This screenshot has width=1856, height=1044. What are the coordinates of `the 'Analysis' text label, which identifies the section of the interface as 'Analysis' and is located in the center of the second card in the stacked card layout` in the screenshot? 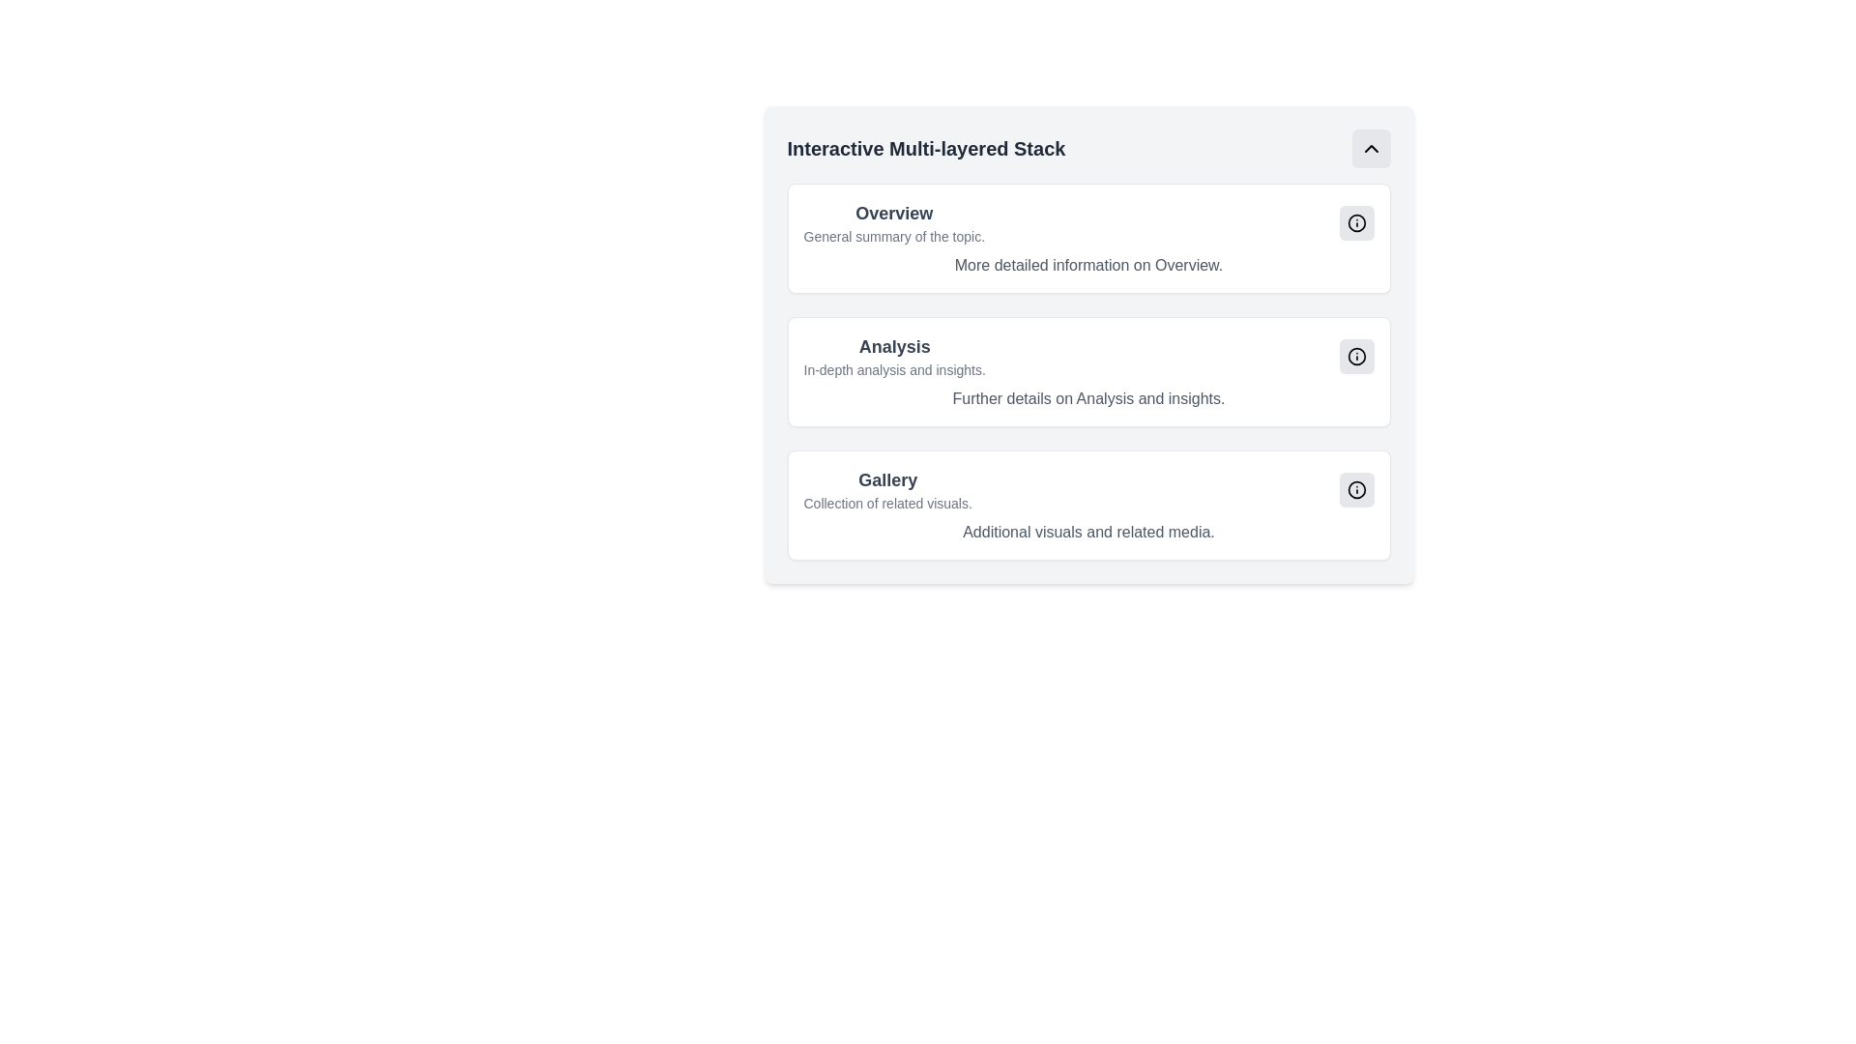 It's located at (893, 345).